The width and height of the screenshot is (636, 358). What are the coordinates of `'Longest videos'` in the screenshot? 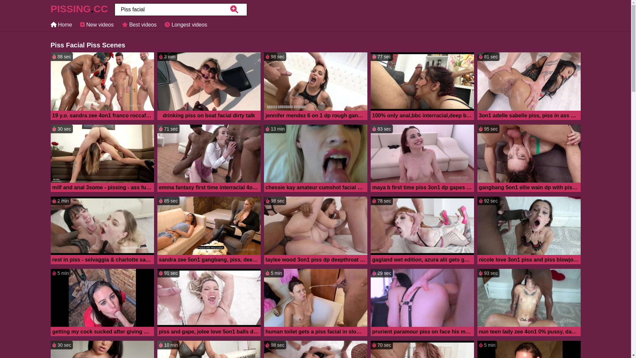 It's located at (185, 24).